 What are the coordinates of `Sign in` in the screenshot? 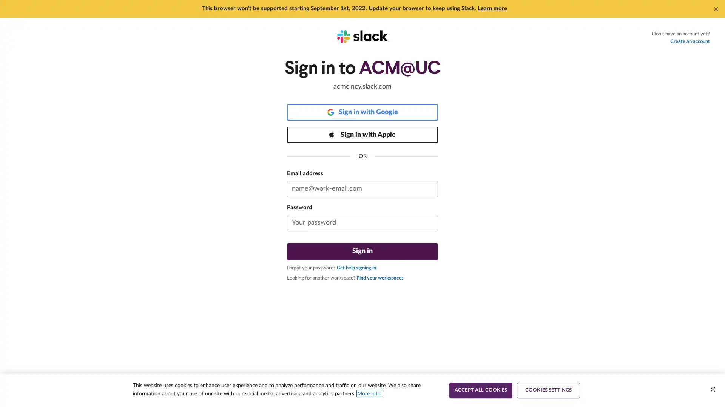 It's located at (362, 251).